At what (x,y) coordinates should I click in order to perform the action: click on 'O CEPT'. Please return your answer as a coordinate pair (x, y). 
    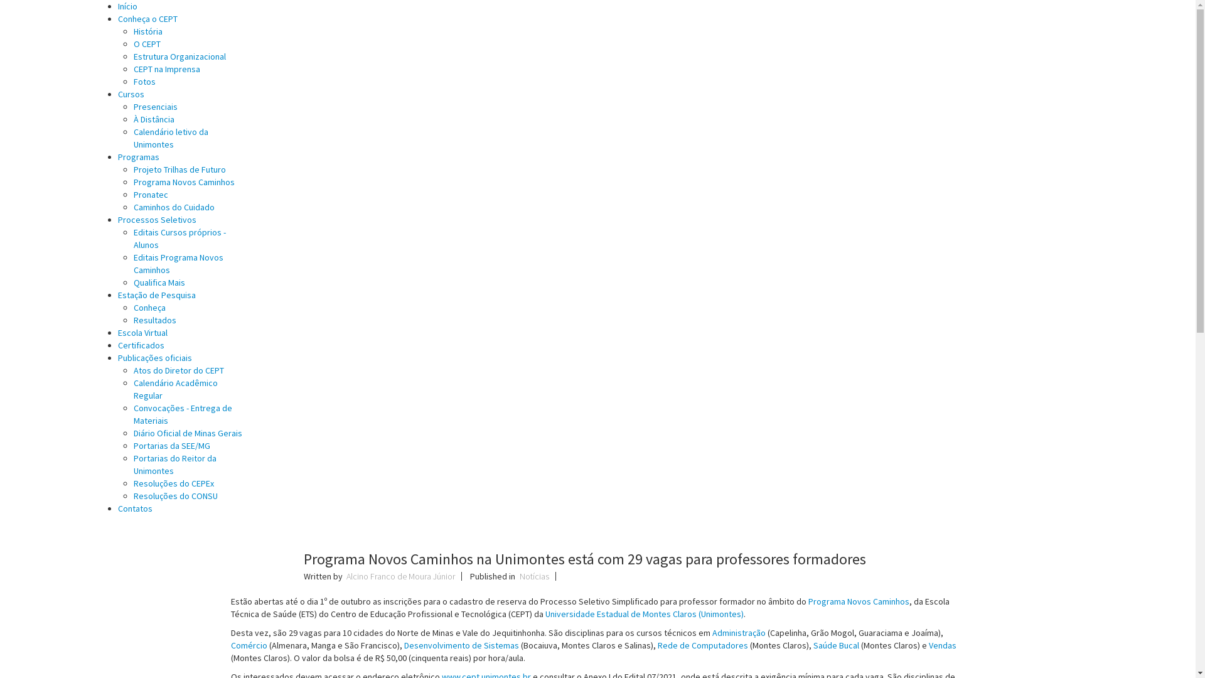
    Looking at the image, I should click on (133, 43).